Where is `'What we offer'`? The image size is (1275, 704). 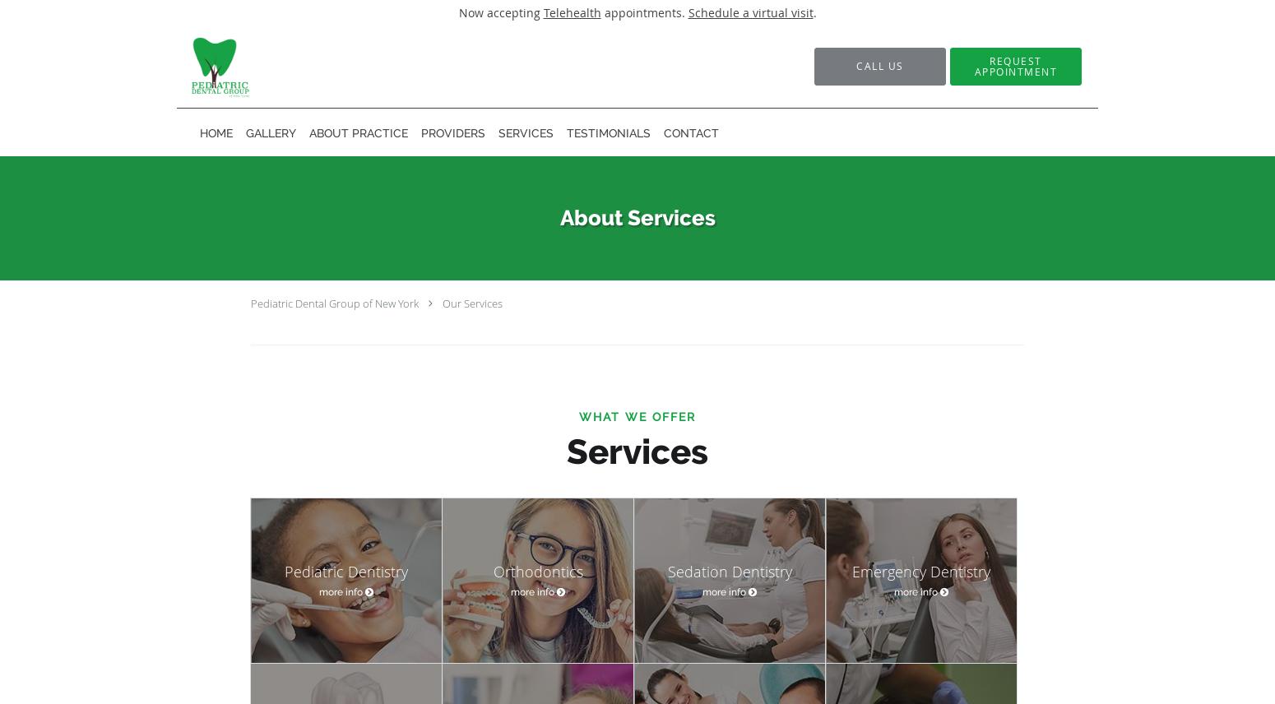 'What we offer' is located at coordinates (637, 417).